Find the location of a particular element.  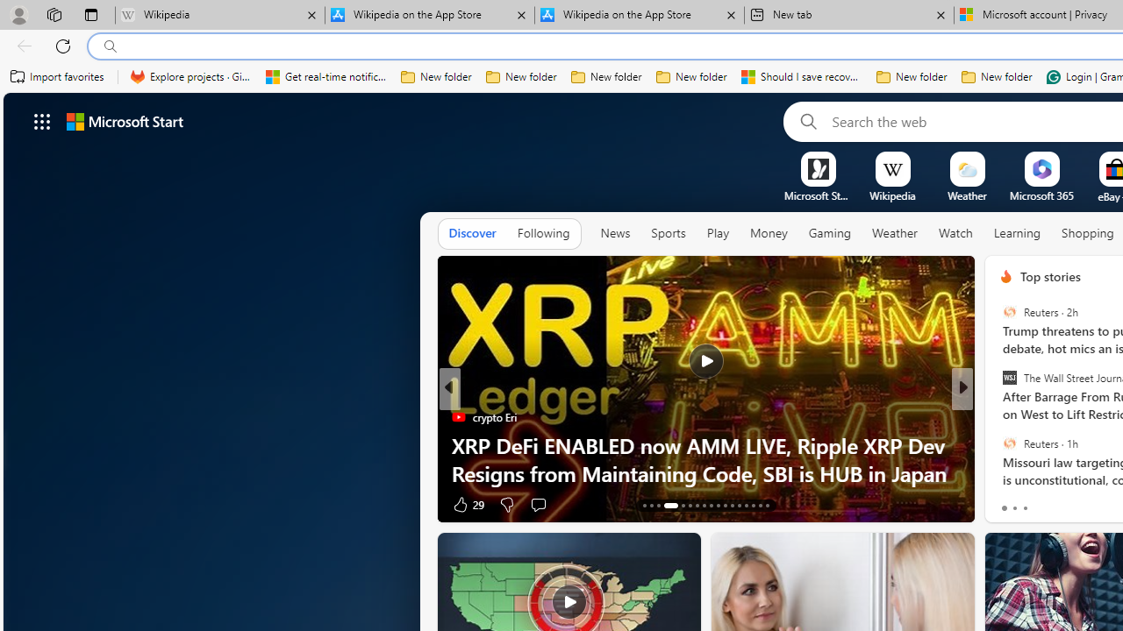

'Reuters' is located at coordinates (1009, 442).